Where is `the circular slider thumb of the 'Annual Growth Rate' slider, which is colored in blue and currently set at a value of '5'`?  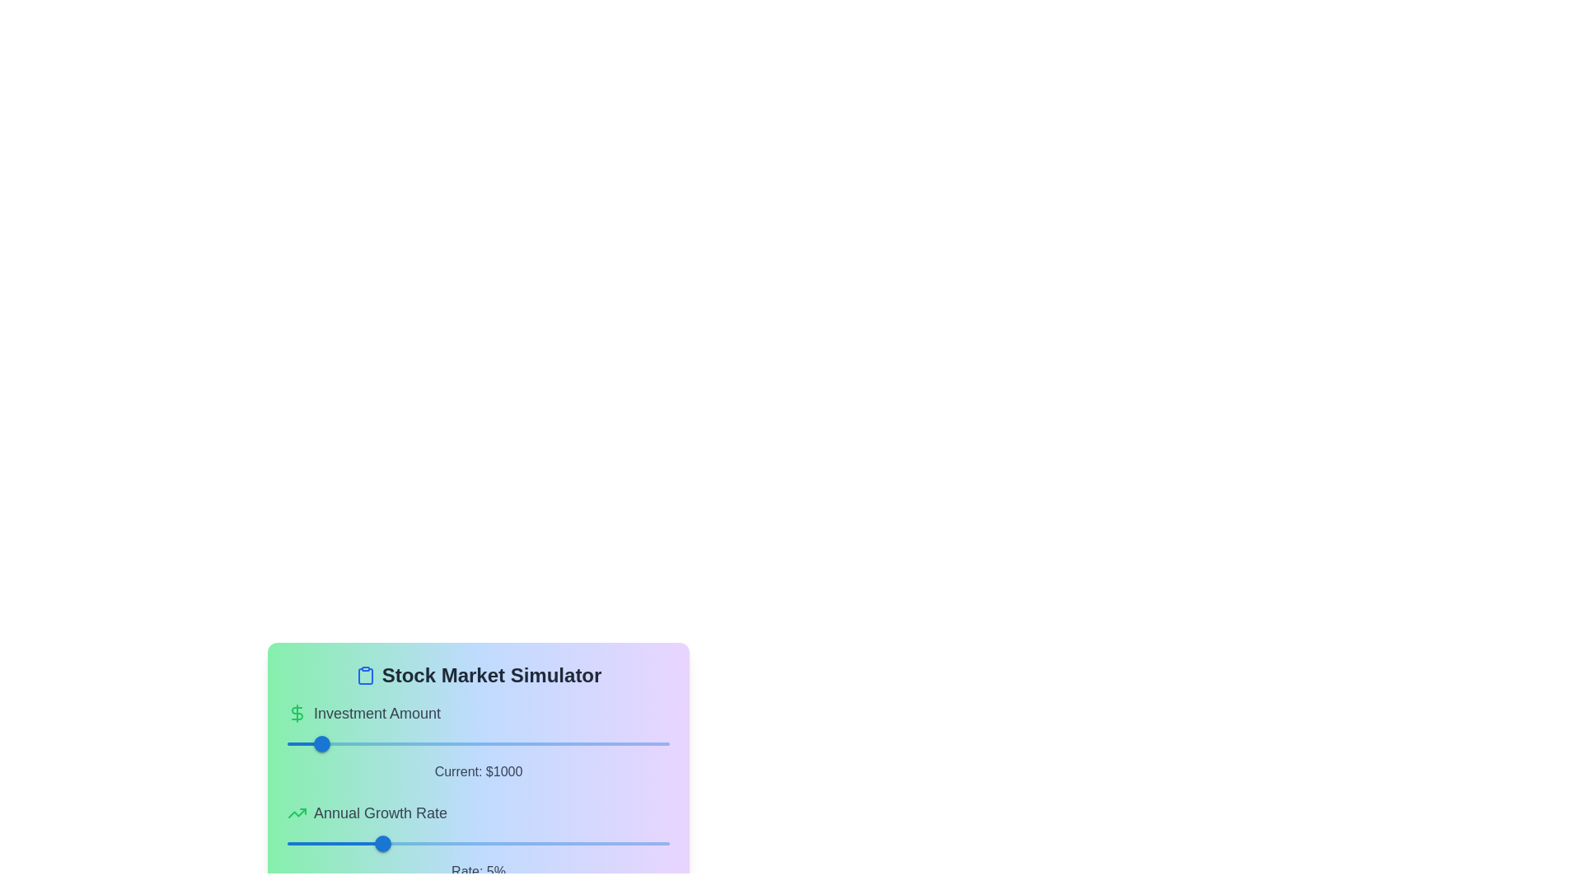
the circular slider thumb of the 'Annual Growth Rate' slider, which is colored in blue and currently set at a value of '5' is located at coordinates (382, 843).